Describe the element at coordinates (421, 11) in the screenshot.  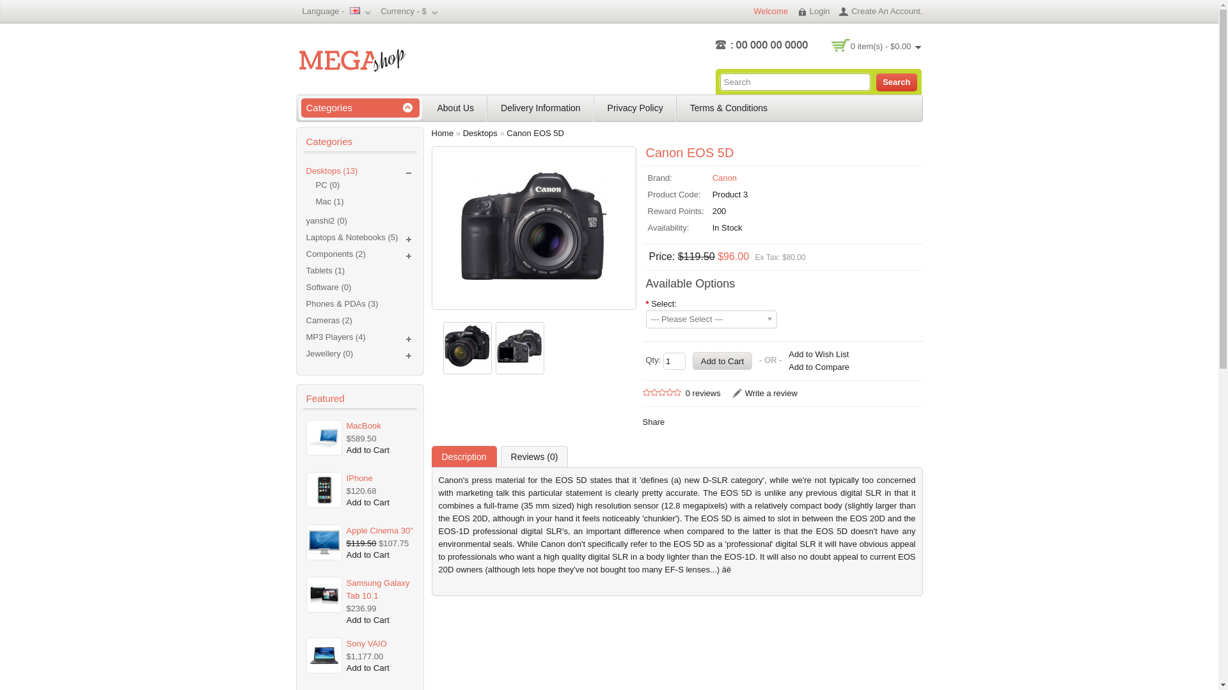
I see `'$'` at that location.